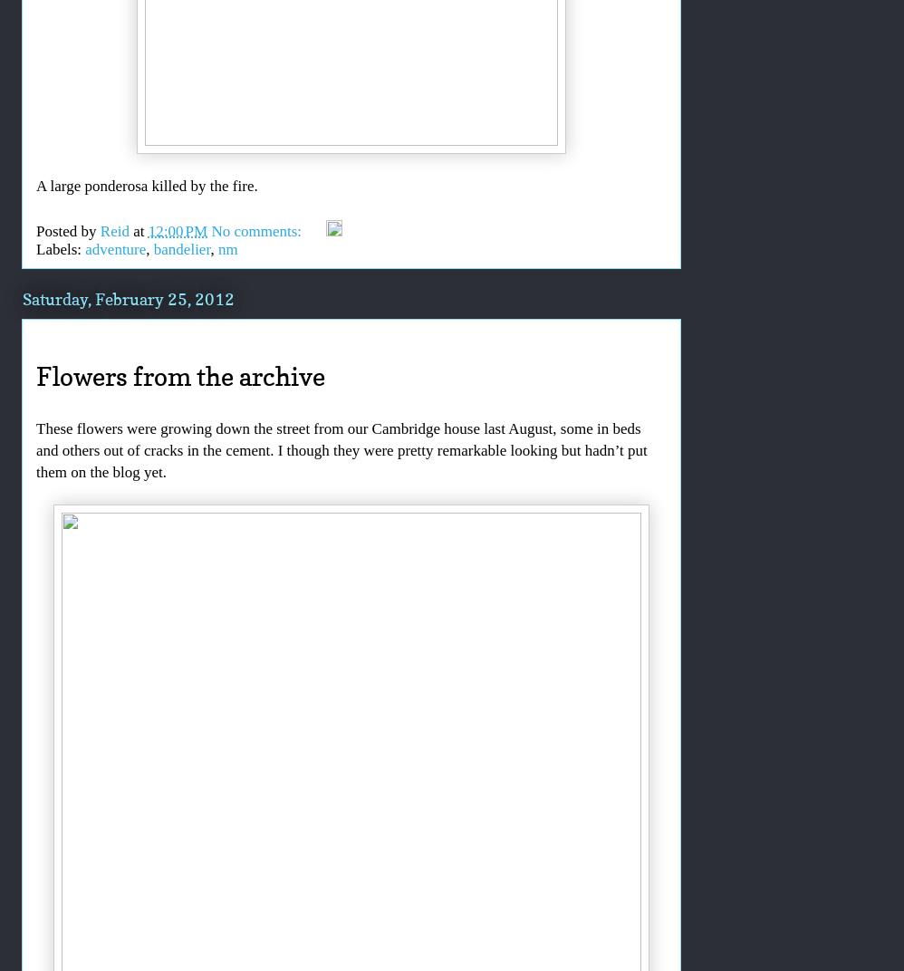 This screenshot has width=904, height=971. Describe the element at coordinates (257, 230) in the screenshot. I see `'No comments:'` at that location.